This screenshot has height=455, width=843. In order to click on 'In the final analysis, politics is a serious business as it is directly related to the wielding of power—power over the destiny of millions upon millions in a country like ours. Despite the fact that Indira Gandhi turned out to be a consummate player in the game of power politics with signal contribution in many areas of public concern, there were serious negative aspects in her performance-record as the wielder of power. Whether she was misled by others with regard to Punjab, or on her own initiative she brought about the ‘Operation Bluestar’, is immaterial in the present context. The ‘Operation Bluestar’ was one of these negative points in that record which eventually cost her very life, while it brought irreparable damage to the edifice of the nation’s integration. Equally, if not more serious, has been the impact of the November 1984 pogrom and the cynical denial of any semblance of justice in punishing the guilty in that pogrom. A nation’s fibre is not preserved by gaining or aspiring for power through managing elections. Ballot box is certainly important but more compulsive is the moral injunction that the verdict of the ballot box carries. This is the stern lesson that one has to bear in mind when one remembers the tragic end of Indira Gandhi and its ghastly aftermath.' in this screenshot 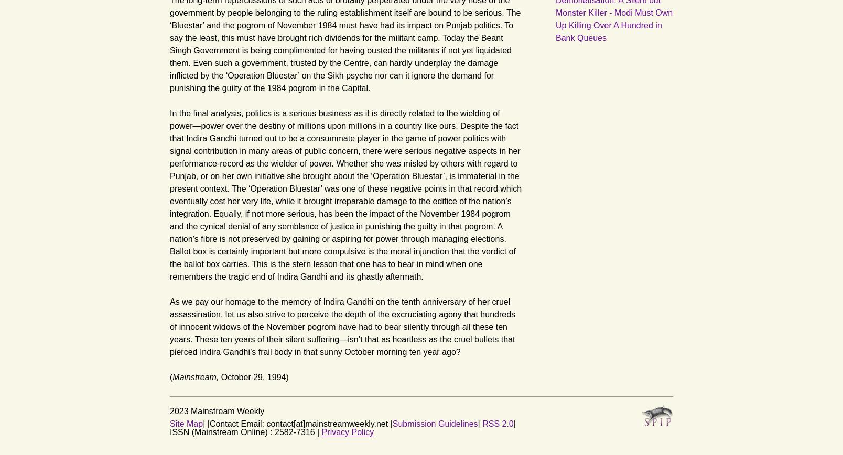, I will do `click(345, 194)`.